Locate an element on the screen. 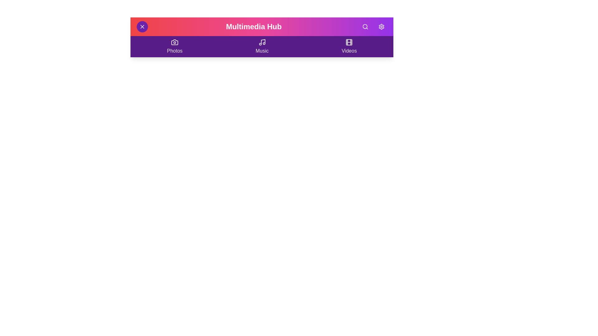  the settings button to access the settings menu is located at coordinates (381, 26).